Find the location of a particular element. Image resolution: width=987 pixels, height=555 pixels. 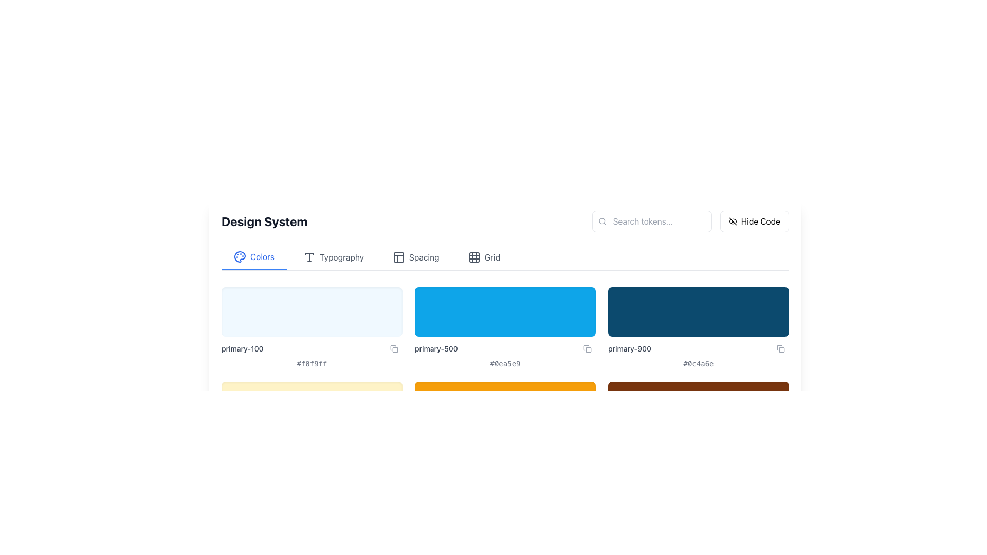

the tab in the Navigation bar located below the title 'Design System' is located at coordinates (505, 257).